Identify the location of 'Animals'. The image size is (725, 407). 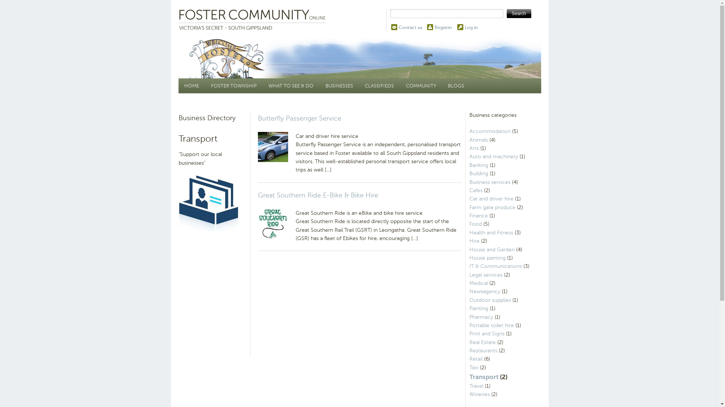
(478, 140).